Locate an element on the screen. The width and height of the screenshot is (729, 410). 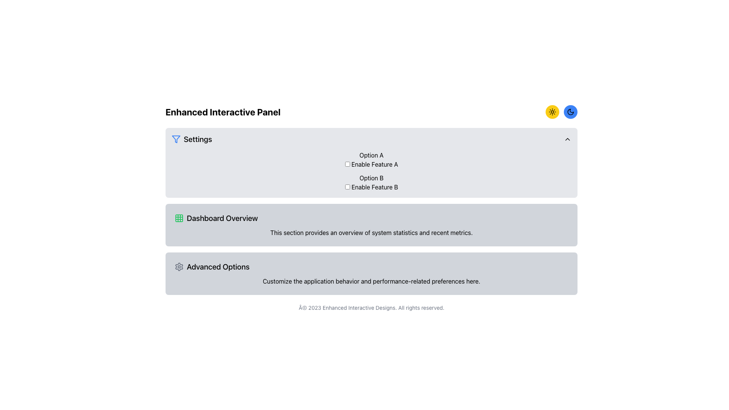
the Settings icon located to the left of the 'Settings' text in the header section of the interface as a visual cue is located at coordinates (176, 139).